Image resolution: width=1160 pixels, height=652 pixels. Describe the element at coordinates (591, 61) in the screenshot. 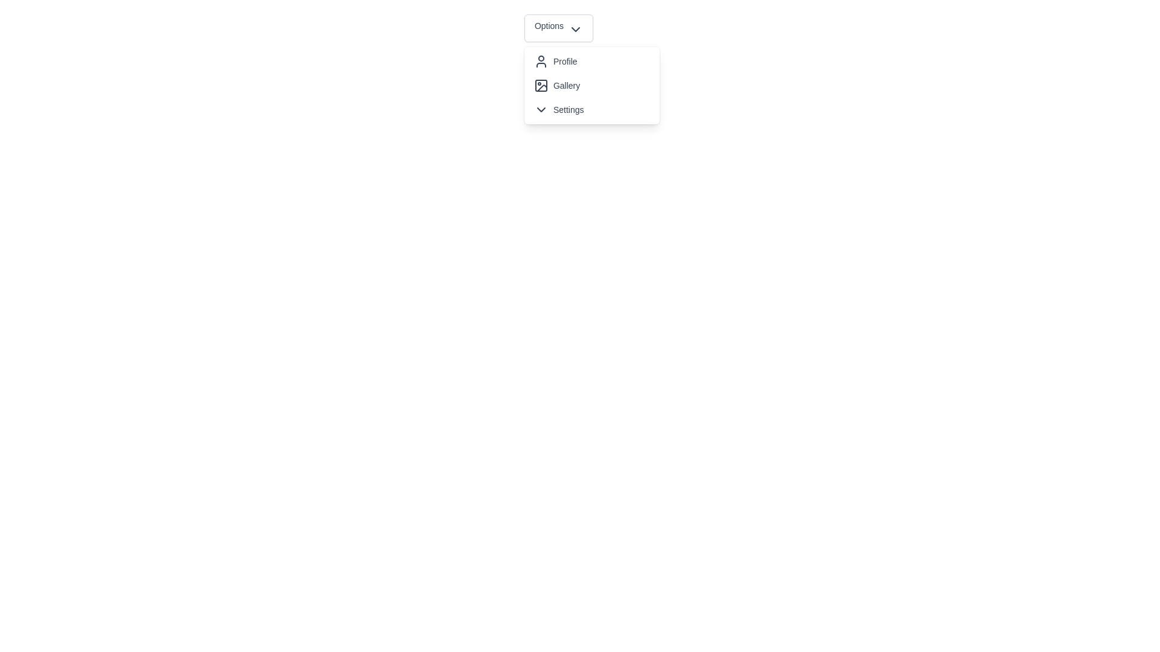

I see `'Profile' menu item, which includes a user silhouette icon and medium font text, positioned as the first item in the dropdown menu` at that location.